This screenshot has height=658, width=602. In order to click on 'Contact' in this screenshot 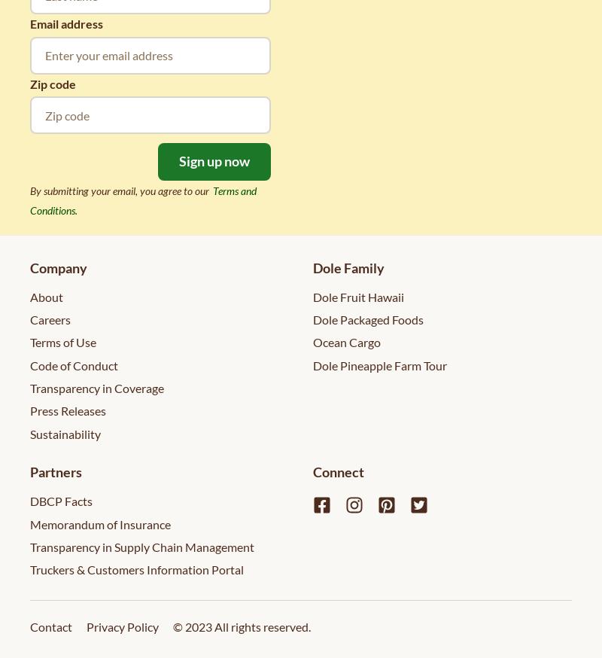, I will do `click(51, 626)`.